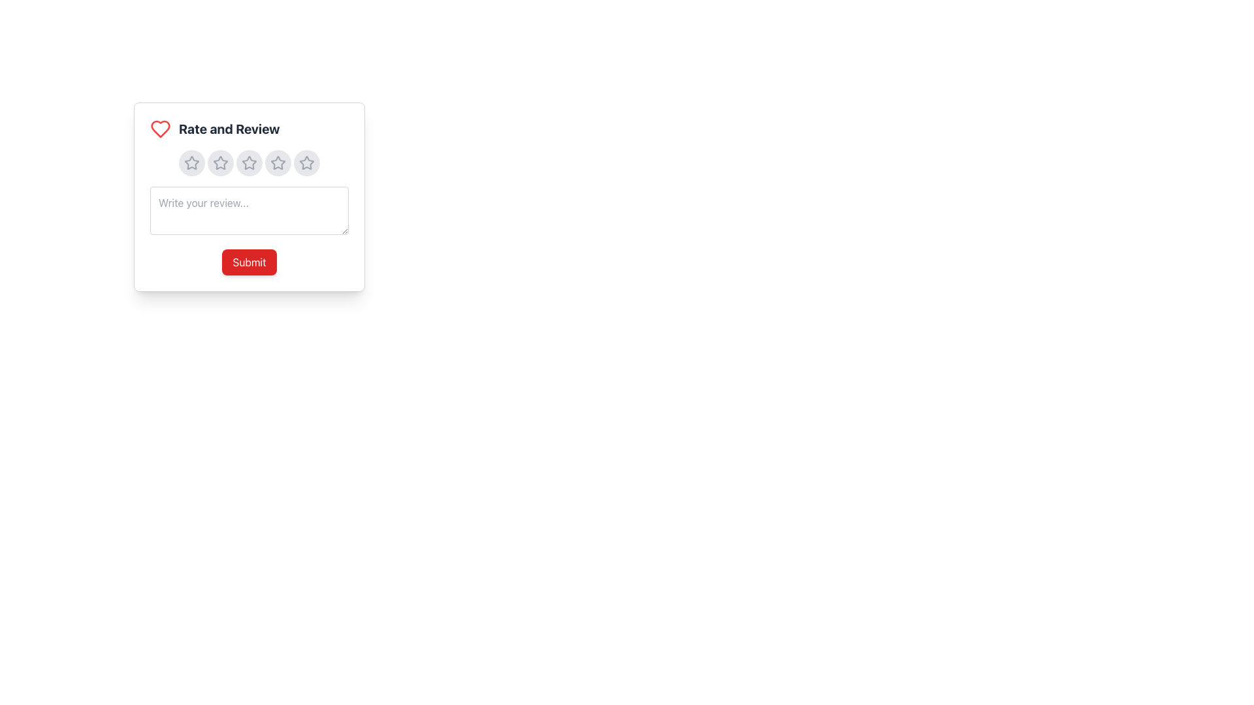 The width and height of the screenshot is (1254, 705). Describe the element at coordinates (220, 162) in the screenshot. I see `the second star icon in the rating area` at that location.